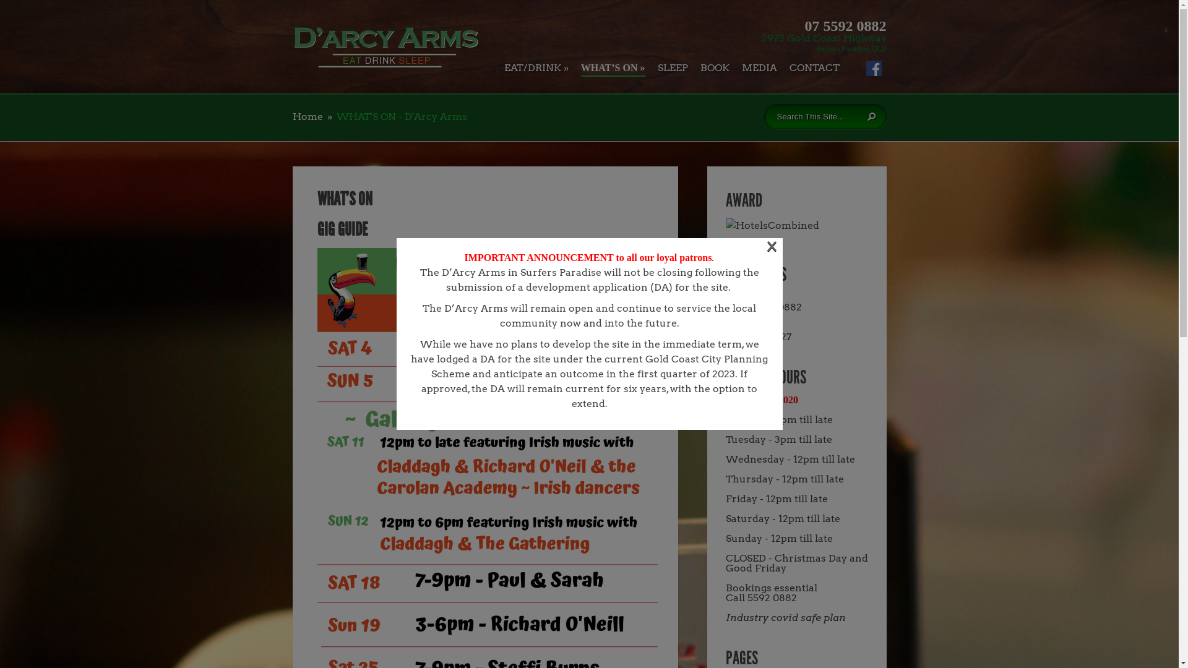 Image resolution: width=1188 pixels, height=668 pixels. What do you see at coordinates (845, 26) in the screenshot?
I see `'07 5592 0882'` at bounding box center [845, 26].